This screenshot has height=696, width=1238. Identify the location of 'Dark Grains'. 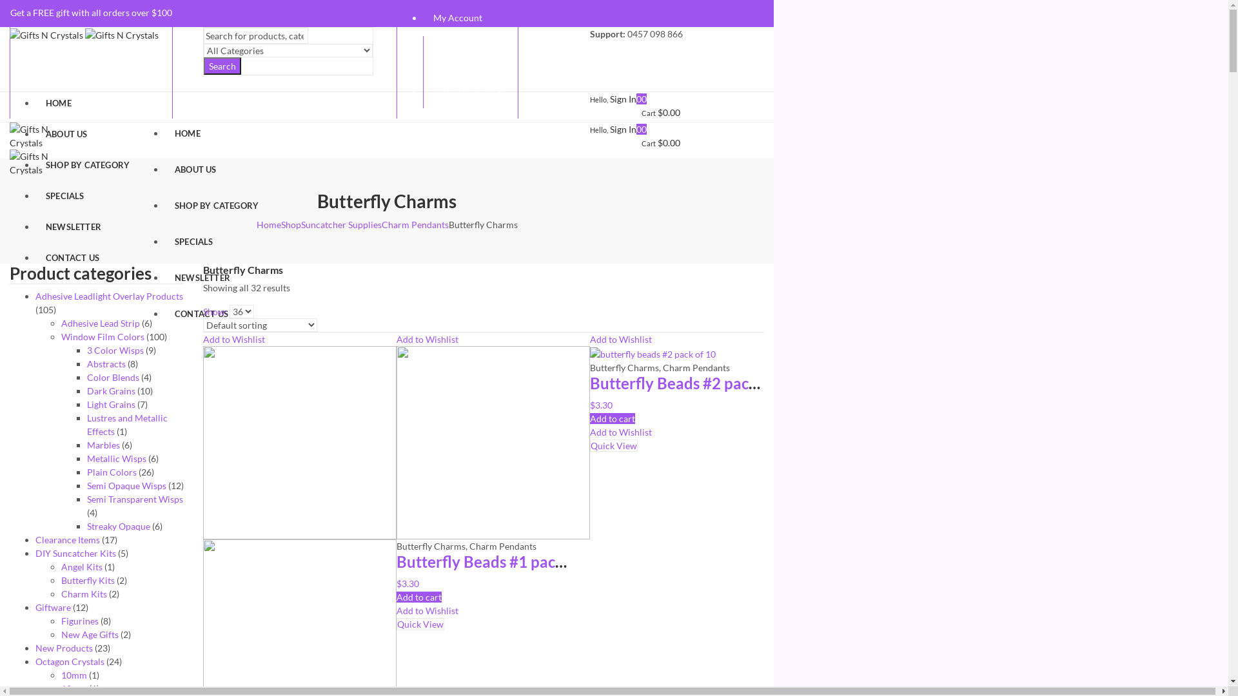
(86, 390).